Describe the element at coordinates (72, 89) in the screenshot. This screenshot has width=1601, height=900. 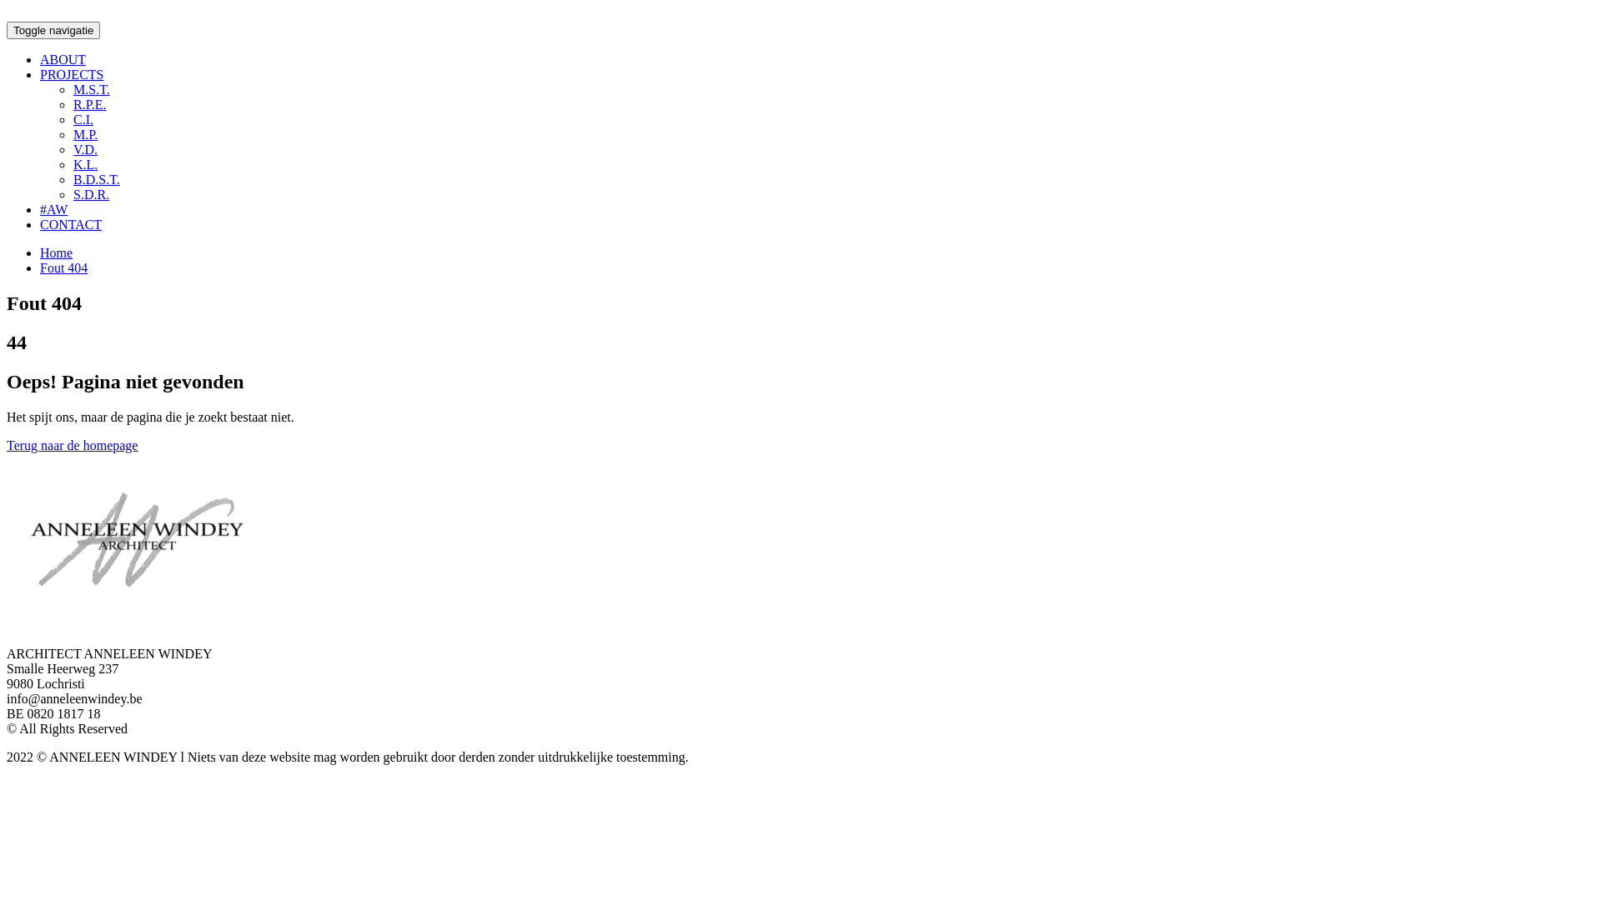
I see `'M.S.T.'` at that location.